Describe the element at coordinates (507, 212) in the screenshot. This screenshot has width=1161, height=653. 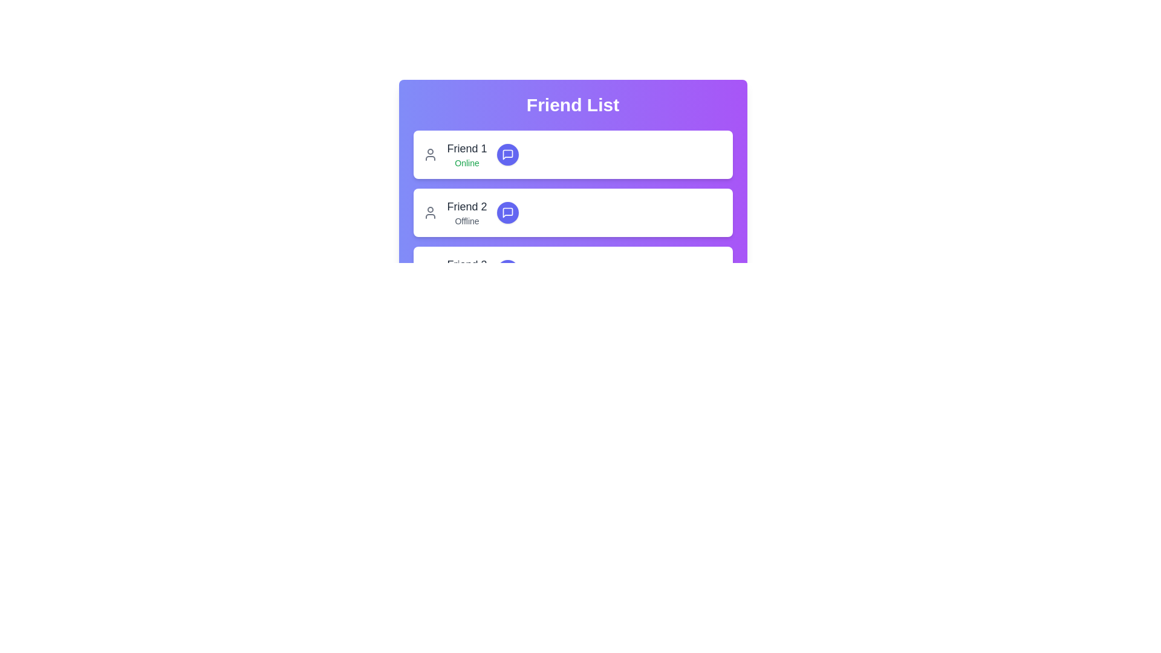
I see `the small circular button with a purple background and a white message square icon for keyboard interaction, located at the far-right of the card for 'Friend 2' in the 'Friend List' interface` at that location.